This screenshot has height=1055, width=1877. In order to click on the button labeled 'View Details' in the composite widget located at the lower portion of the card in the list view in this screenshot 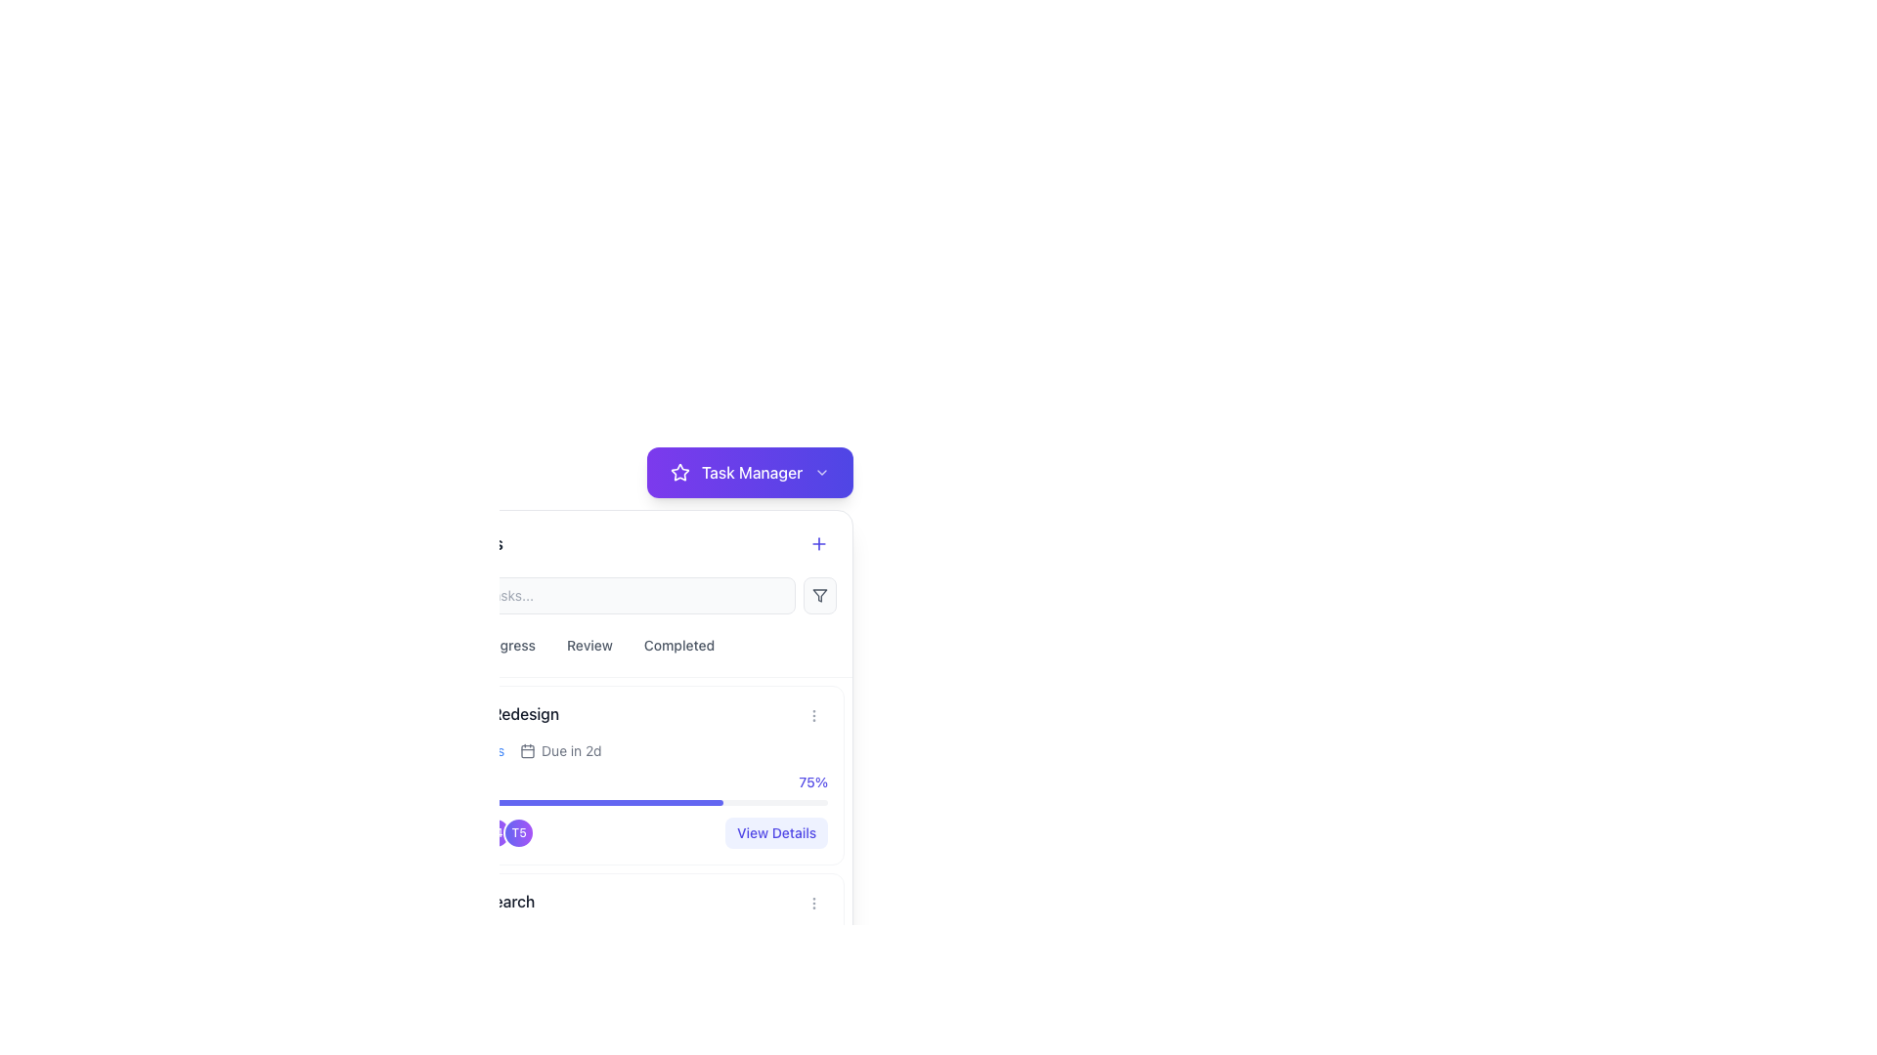, I will do `click(618, 832)`.